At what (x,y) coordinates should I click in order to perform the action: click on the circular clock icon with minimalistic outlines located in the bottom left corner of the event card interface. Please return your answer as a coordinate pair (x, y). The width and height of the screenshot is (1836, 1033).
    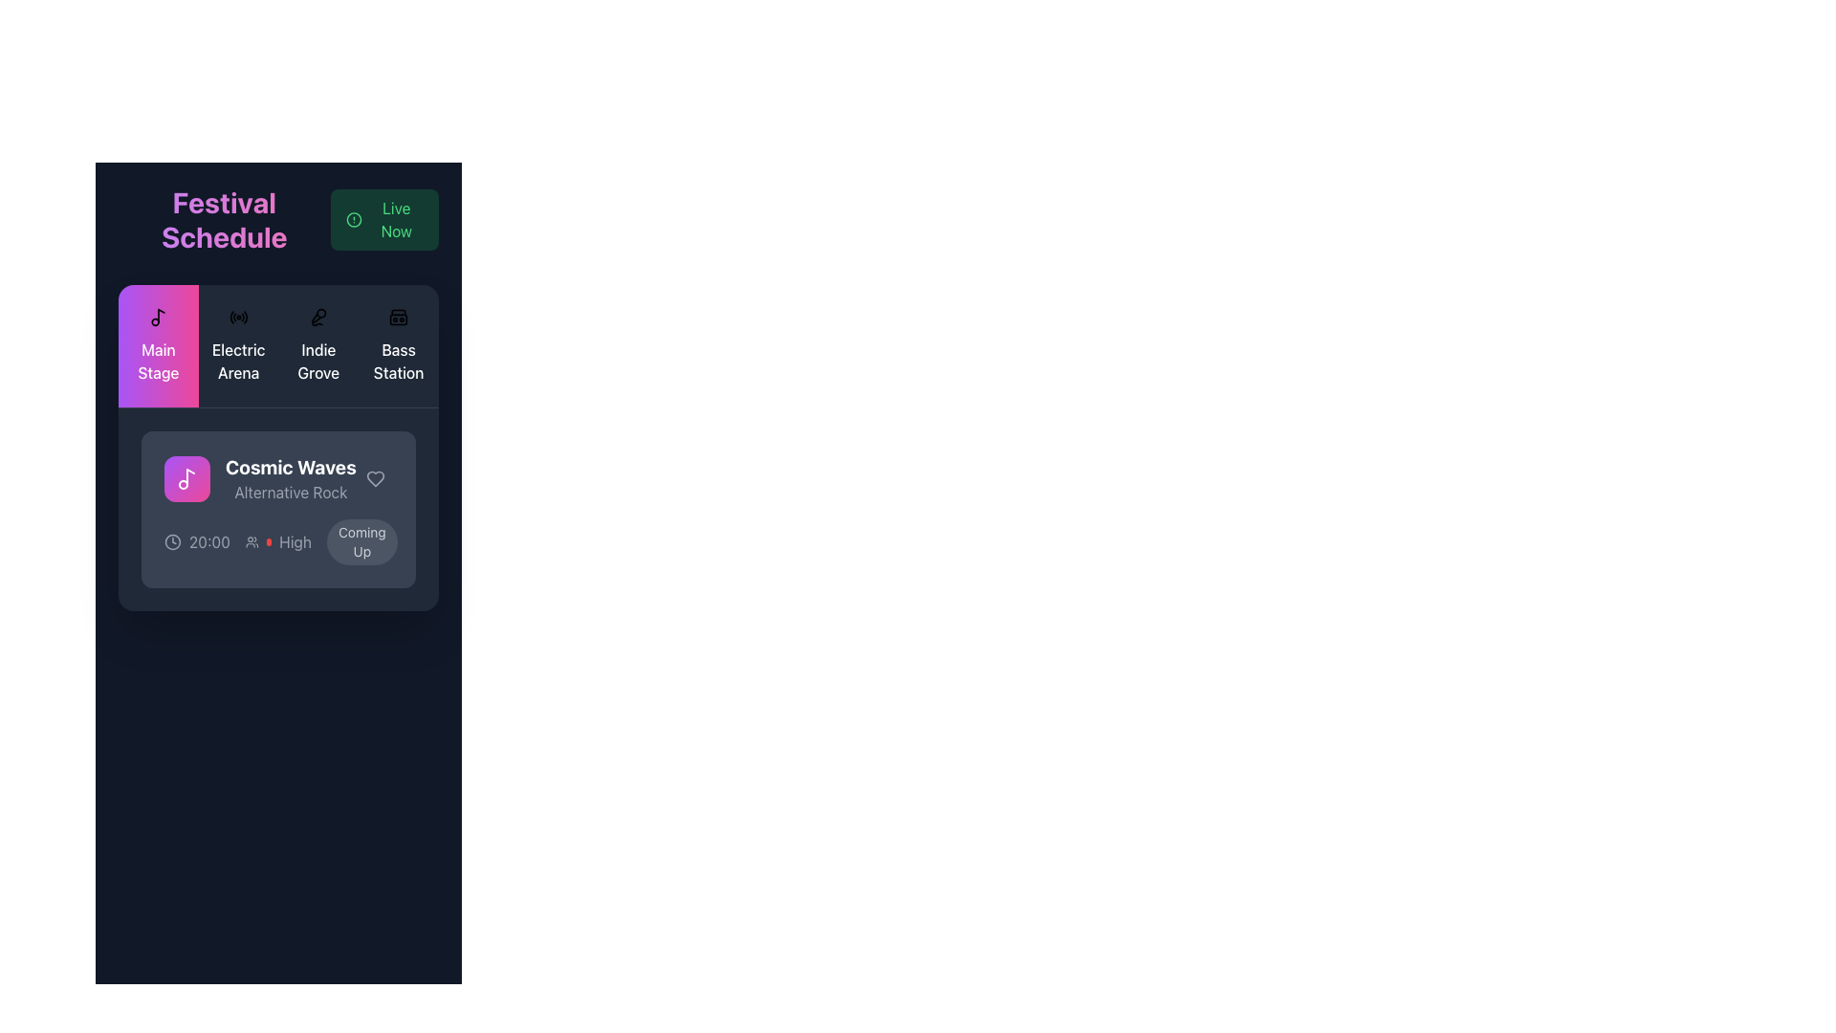
    Looking at the image, I should click on (173, 542).